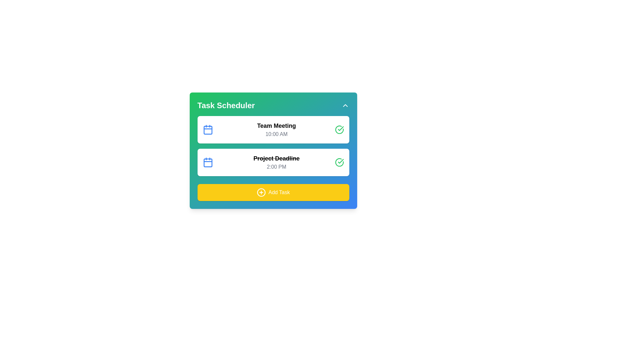  I want to click on the 'Task Scheduler' text header, which is bold, large, and white on a green gradient background, located at the top-left corner of the main panel, so click(226, 105).